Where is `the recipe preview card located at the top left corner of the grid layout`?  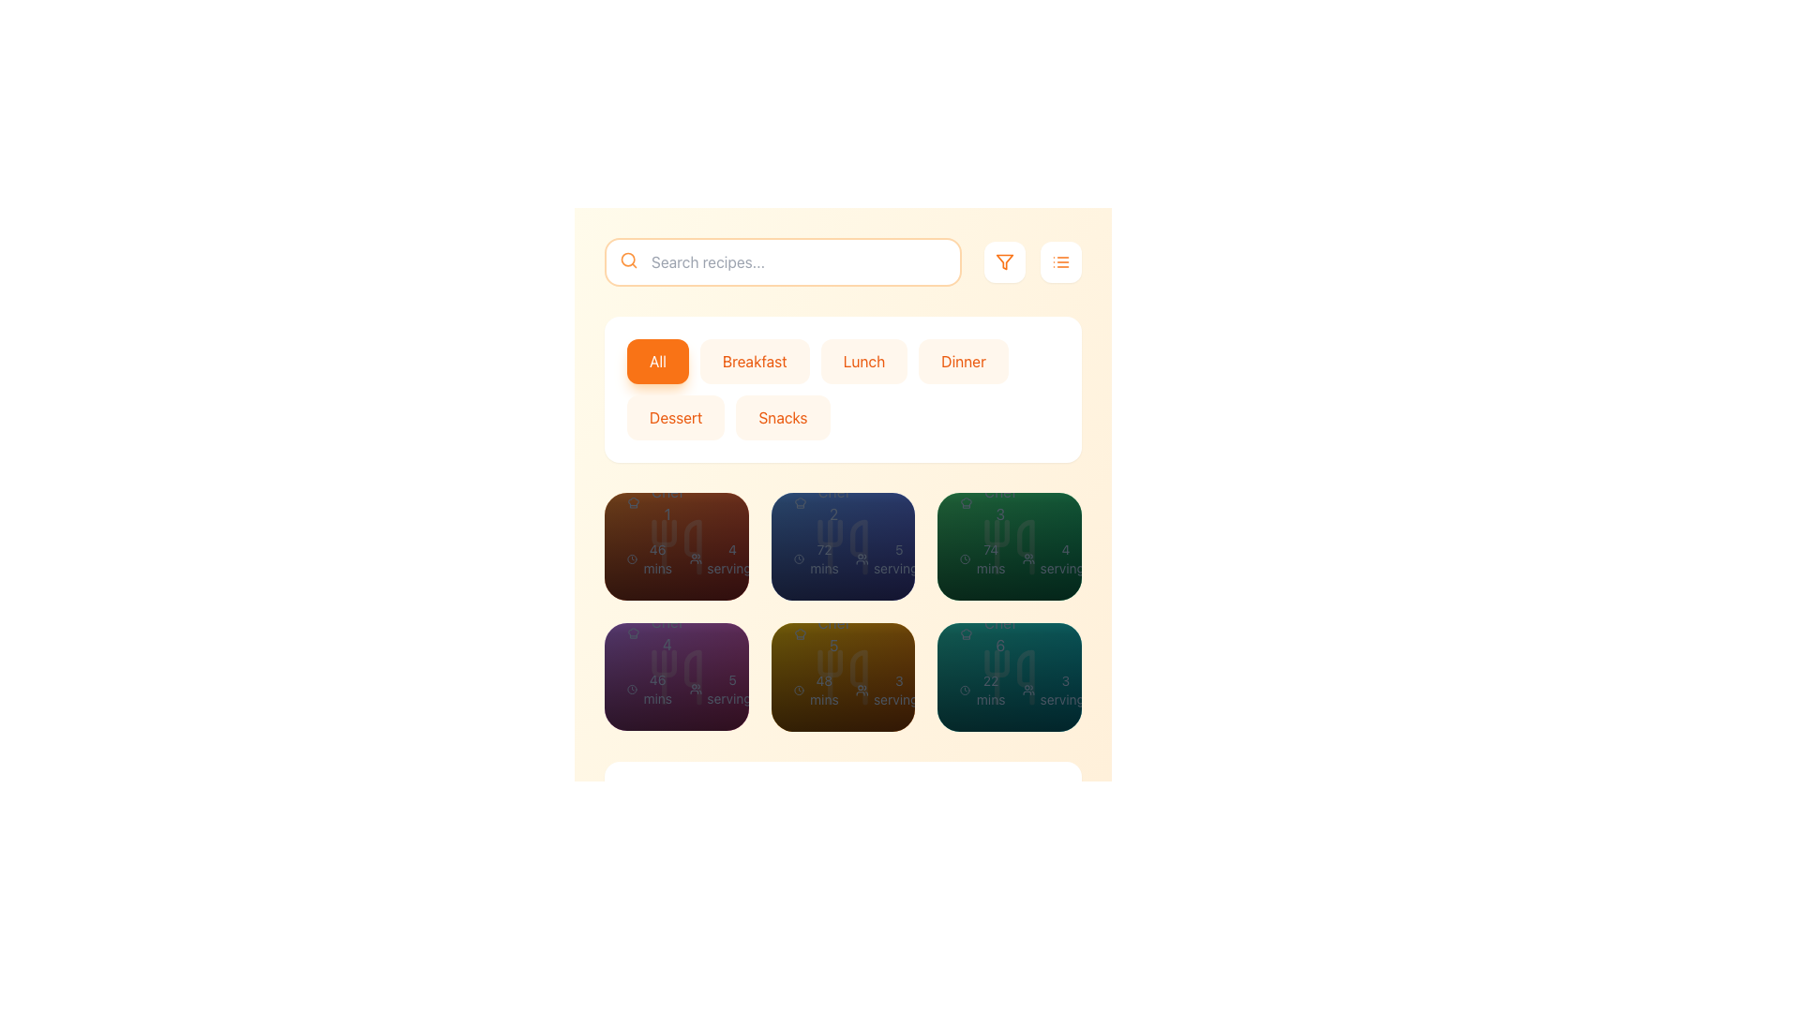
the recipe preview card located at the top left corner of the grid layout is located at coordinates (675, 546).